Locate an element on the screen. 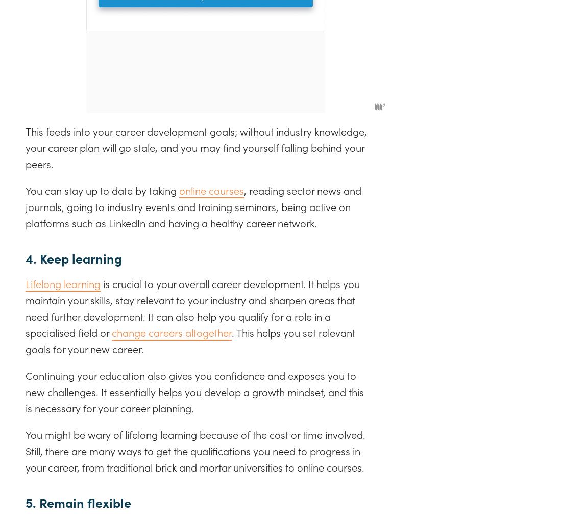  'change careers altogether' is located at coordinates (172, 331).